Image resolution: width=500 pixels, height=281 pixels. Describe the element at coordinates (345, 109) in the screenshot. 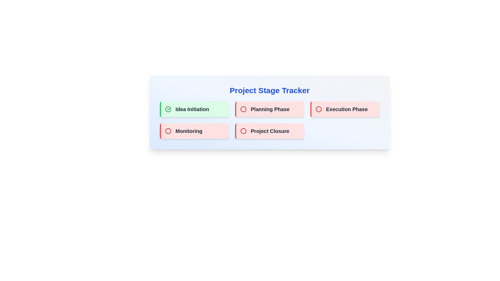

I see `the stage card labeled Execution Phase to observe the hover effect` at that location.